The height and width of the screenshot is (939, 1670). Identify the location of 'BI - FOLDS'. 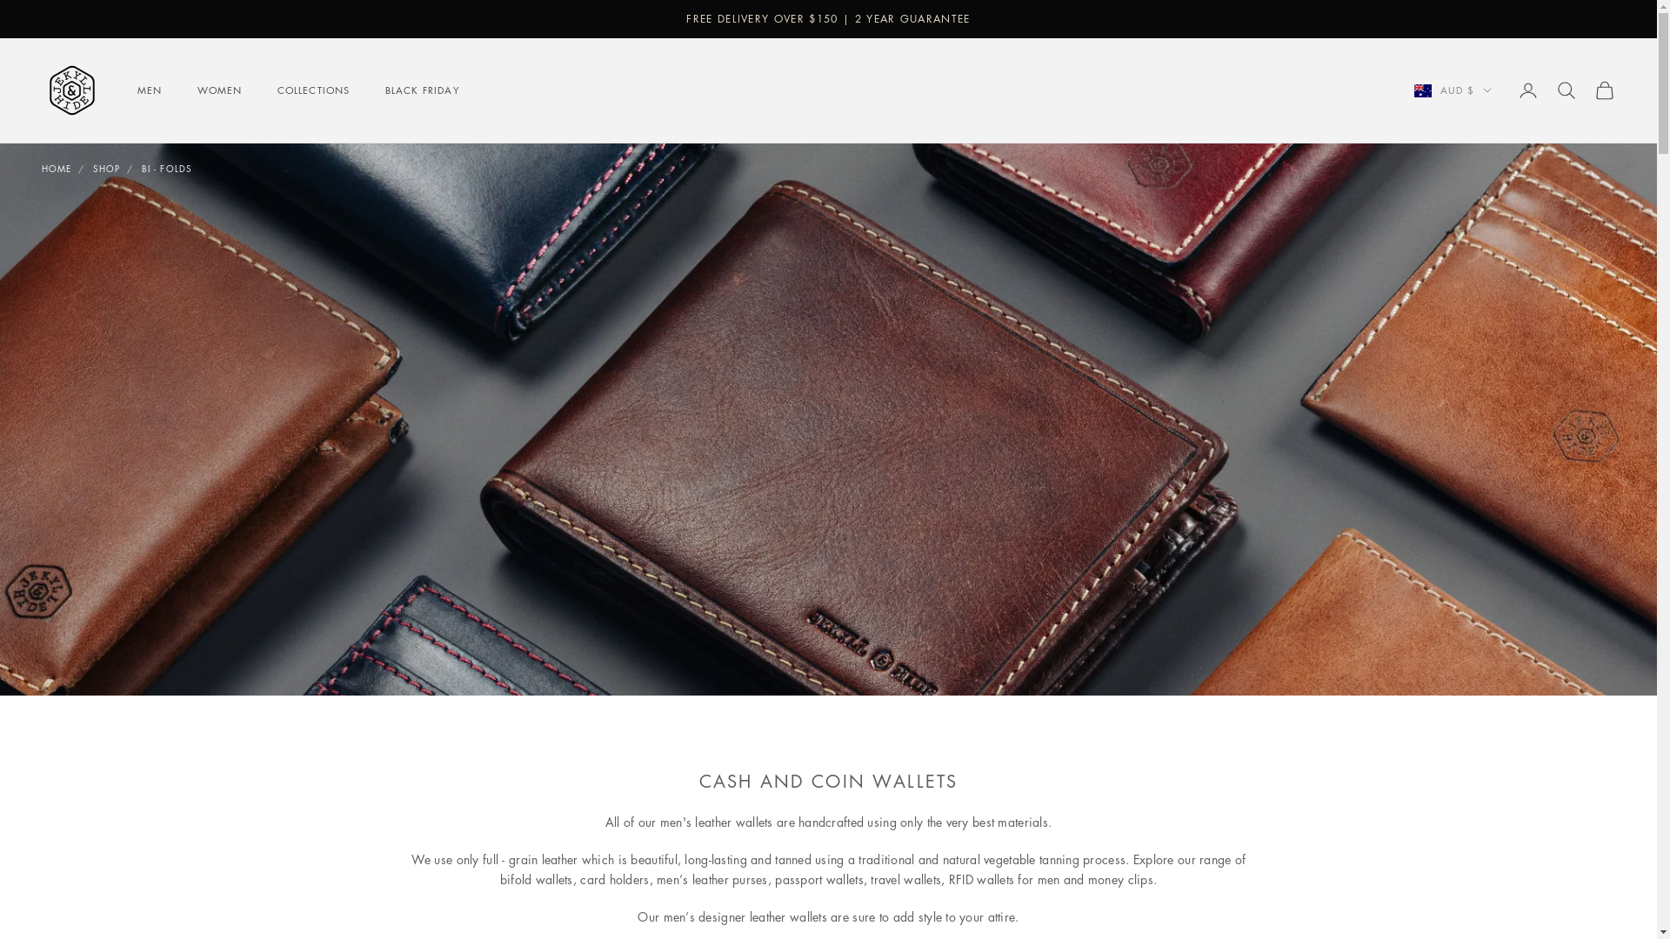
(167, 168).